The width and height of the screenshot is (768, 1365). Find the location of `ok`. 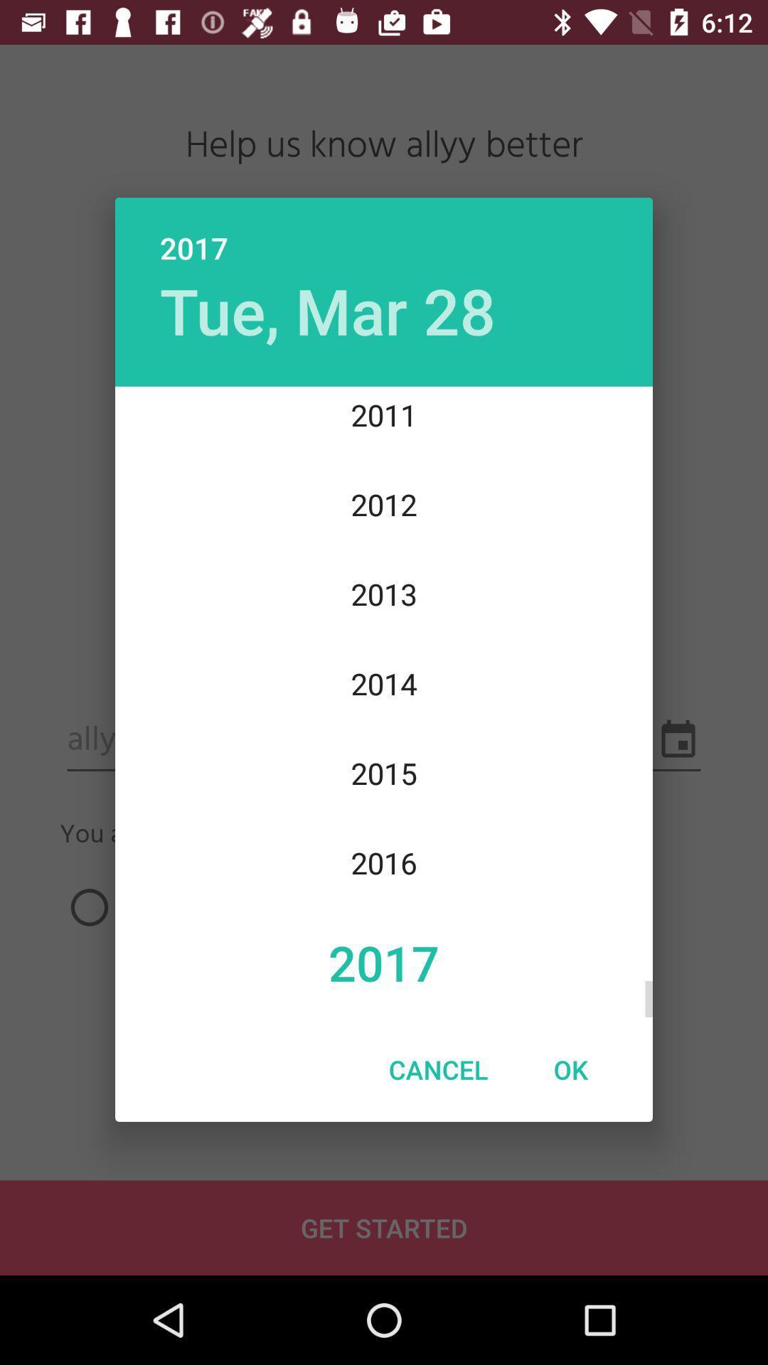

ok is located at coordinates (570, 1069).